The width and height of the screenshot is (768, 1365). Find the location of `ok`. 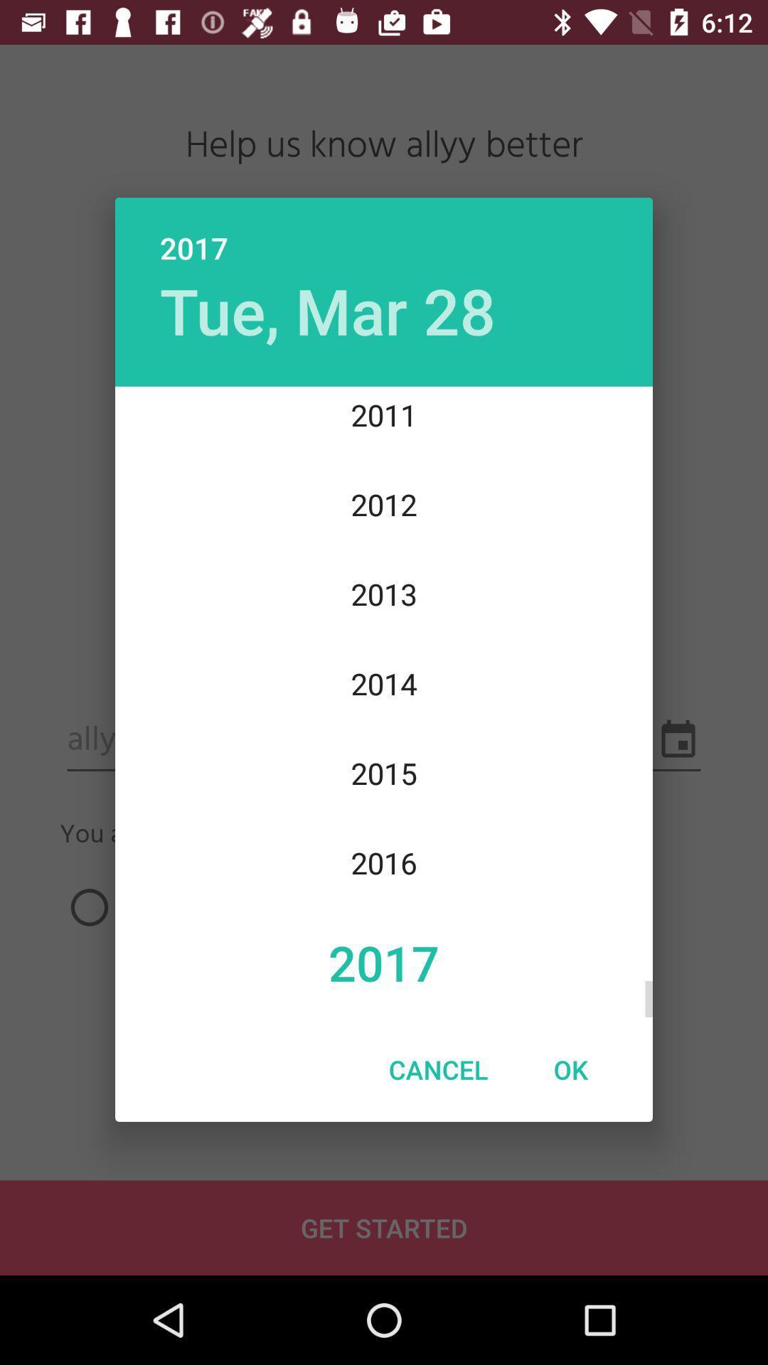

ok is located at coordinates (570, 1069).